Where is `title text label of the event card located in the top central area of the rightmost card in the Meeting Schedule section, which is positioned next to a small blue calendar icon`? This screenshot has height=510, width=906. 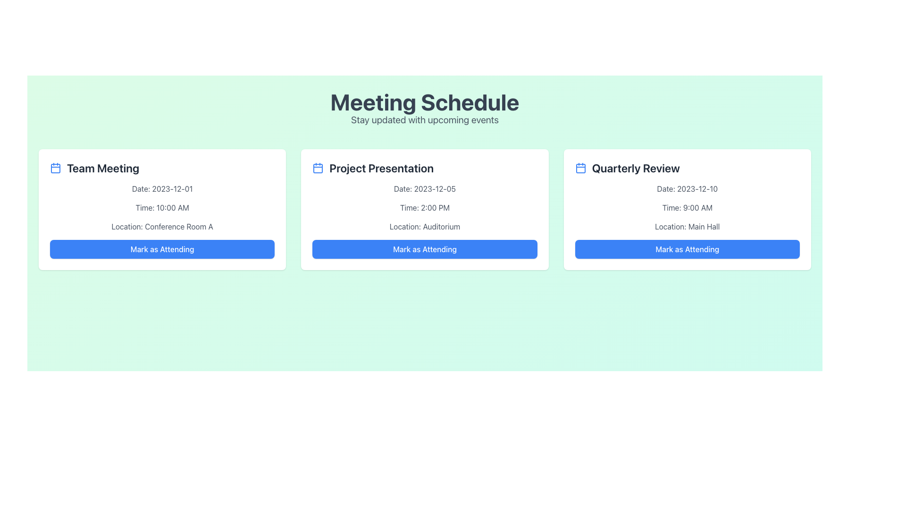 title text label of the event card located in the top central area of the rightmost card in the Meeting Schedule section, which is positioned next to a small blue calendar icon is located at coordinates (636, 167).